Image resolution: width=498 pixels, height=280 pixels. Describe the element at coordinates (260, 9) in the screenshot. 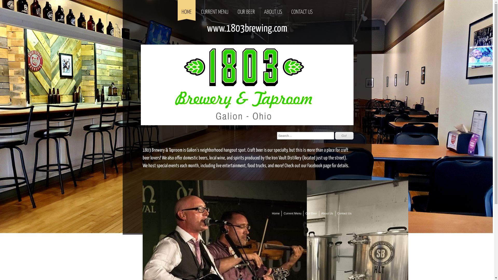

I see `'ABOUT US'` at that location.